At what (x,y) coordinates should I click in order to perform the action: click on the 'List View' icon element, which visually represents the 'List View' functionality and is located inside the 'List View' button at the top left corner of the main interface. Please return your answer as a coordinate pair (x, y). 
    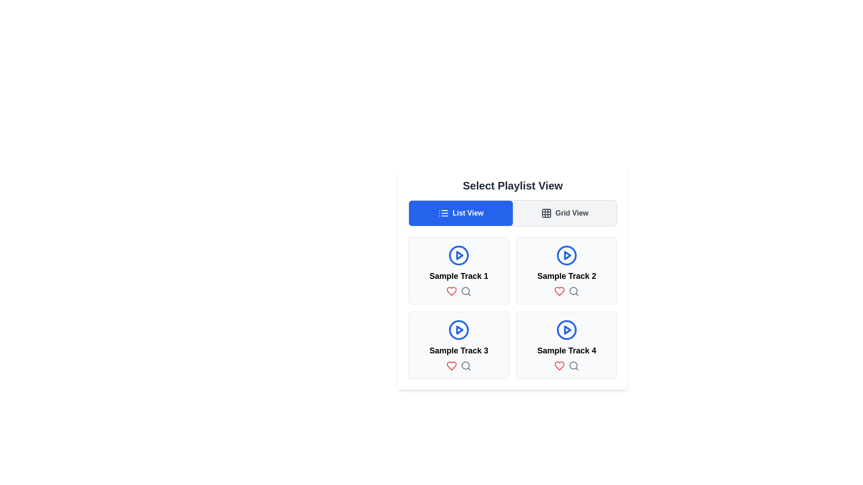
    Looking at the image, I should click on (443, 213).